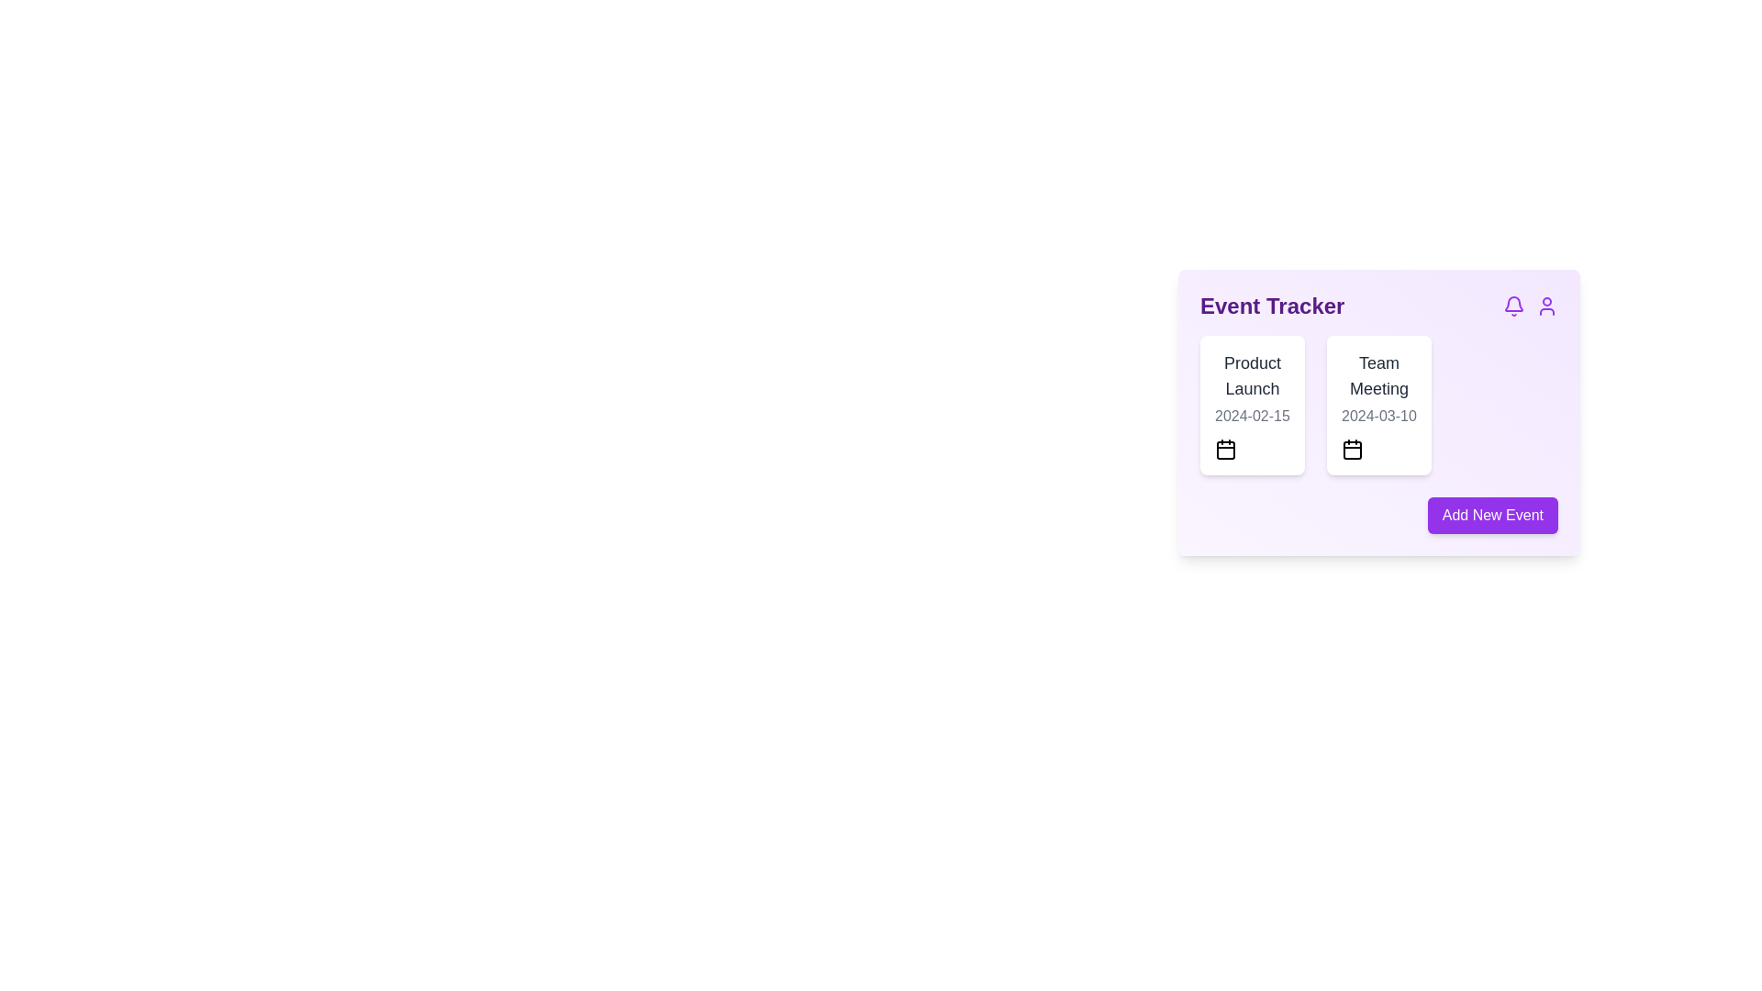 The height and width of the screenshot is (991, 1762). I want to click on text from the 'Team Meeting' label, which is prominently displayed in dark grey at the top of the card in the 'Event Tracker' section, so click(1378, 374).